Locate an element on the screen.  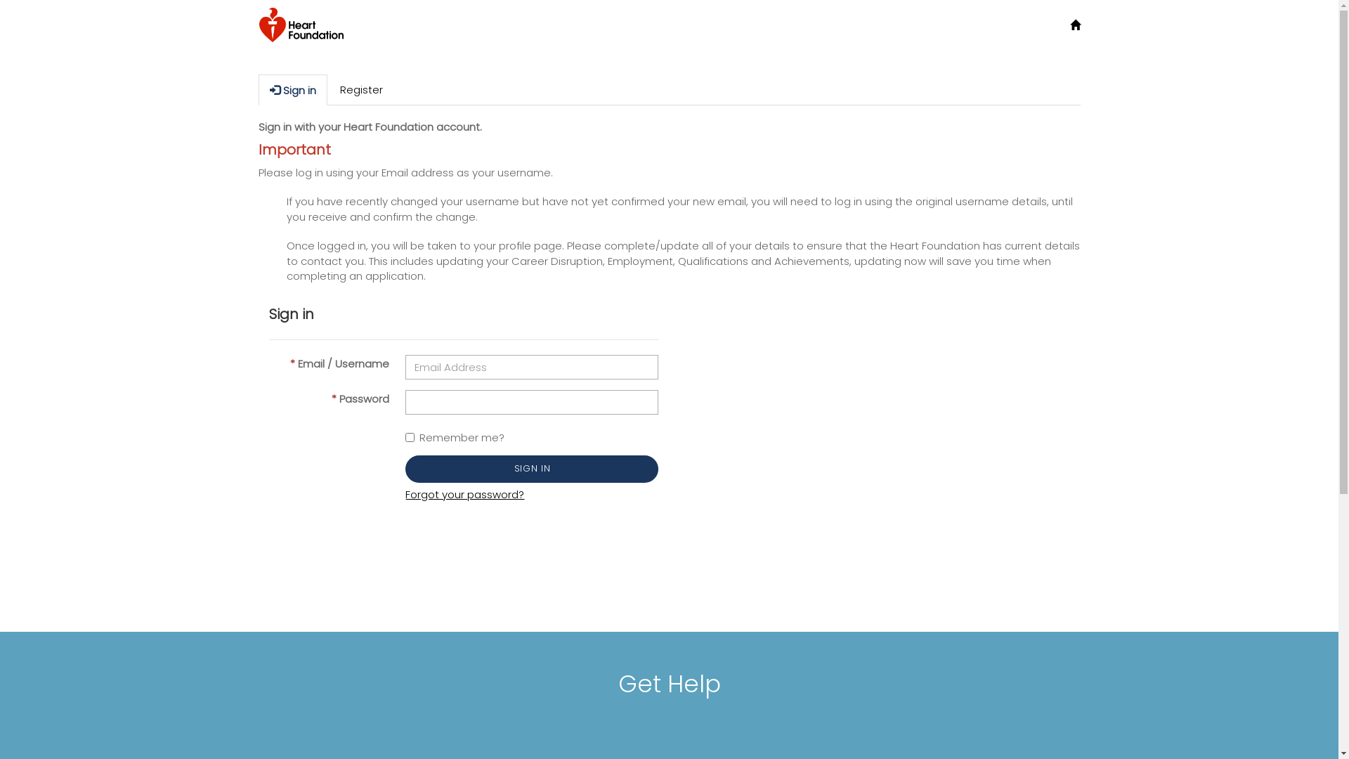
'Register' is located at coordinates (327, 89).